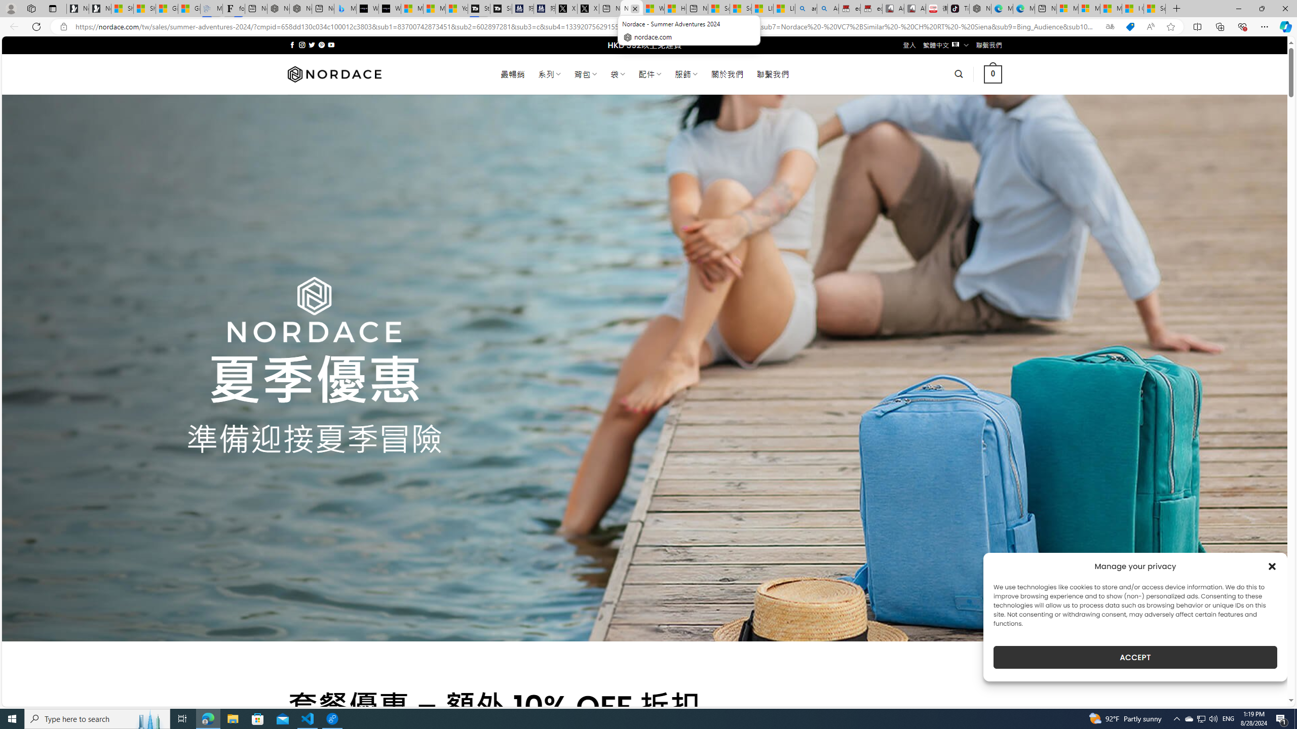 The image size is (1297, 729). I want to click on 'Shanghai, China weather forecast | Microsoft Weather', so click(144, 8).